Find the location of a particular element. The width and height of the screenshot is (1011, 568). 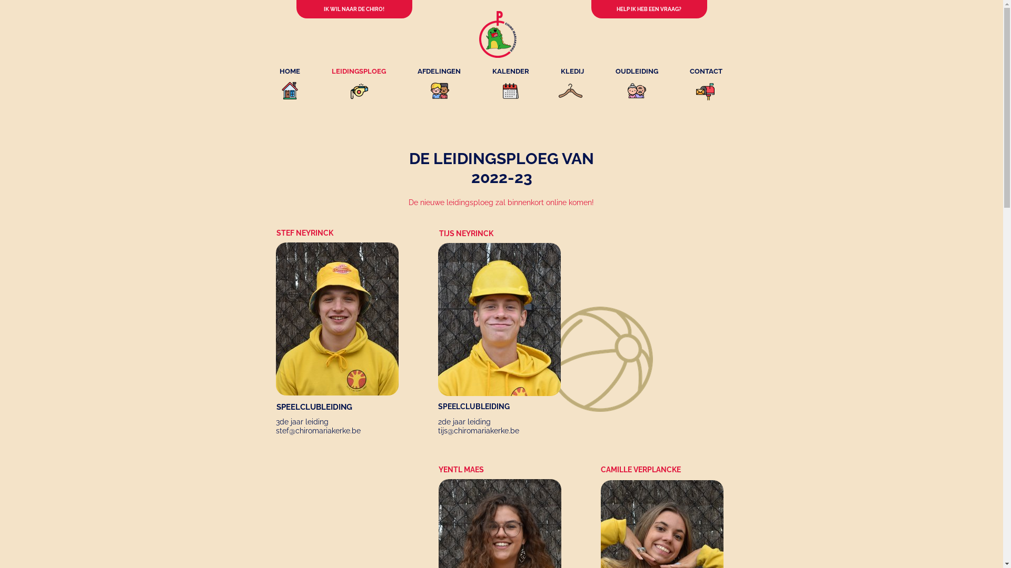

'LEIDINGSPLOEG' is located at coordinates (359, 70).